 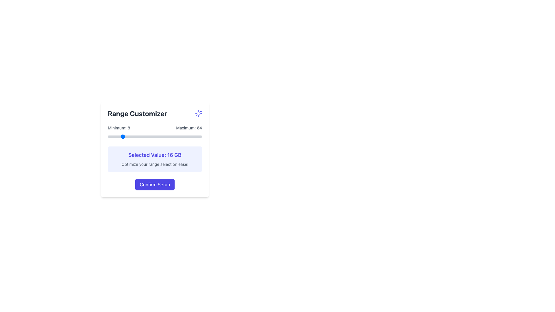 I want to click on the slider value, so click(x=153, y=137).